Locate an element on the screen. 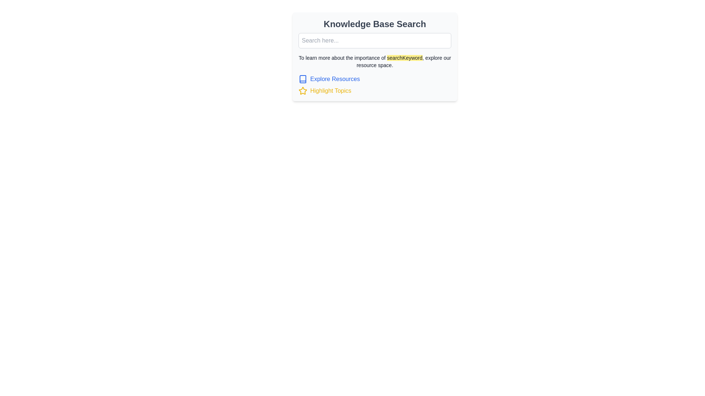  attention on the heading text label is located at coordinates (375, 23).